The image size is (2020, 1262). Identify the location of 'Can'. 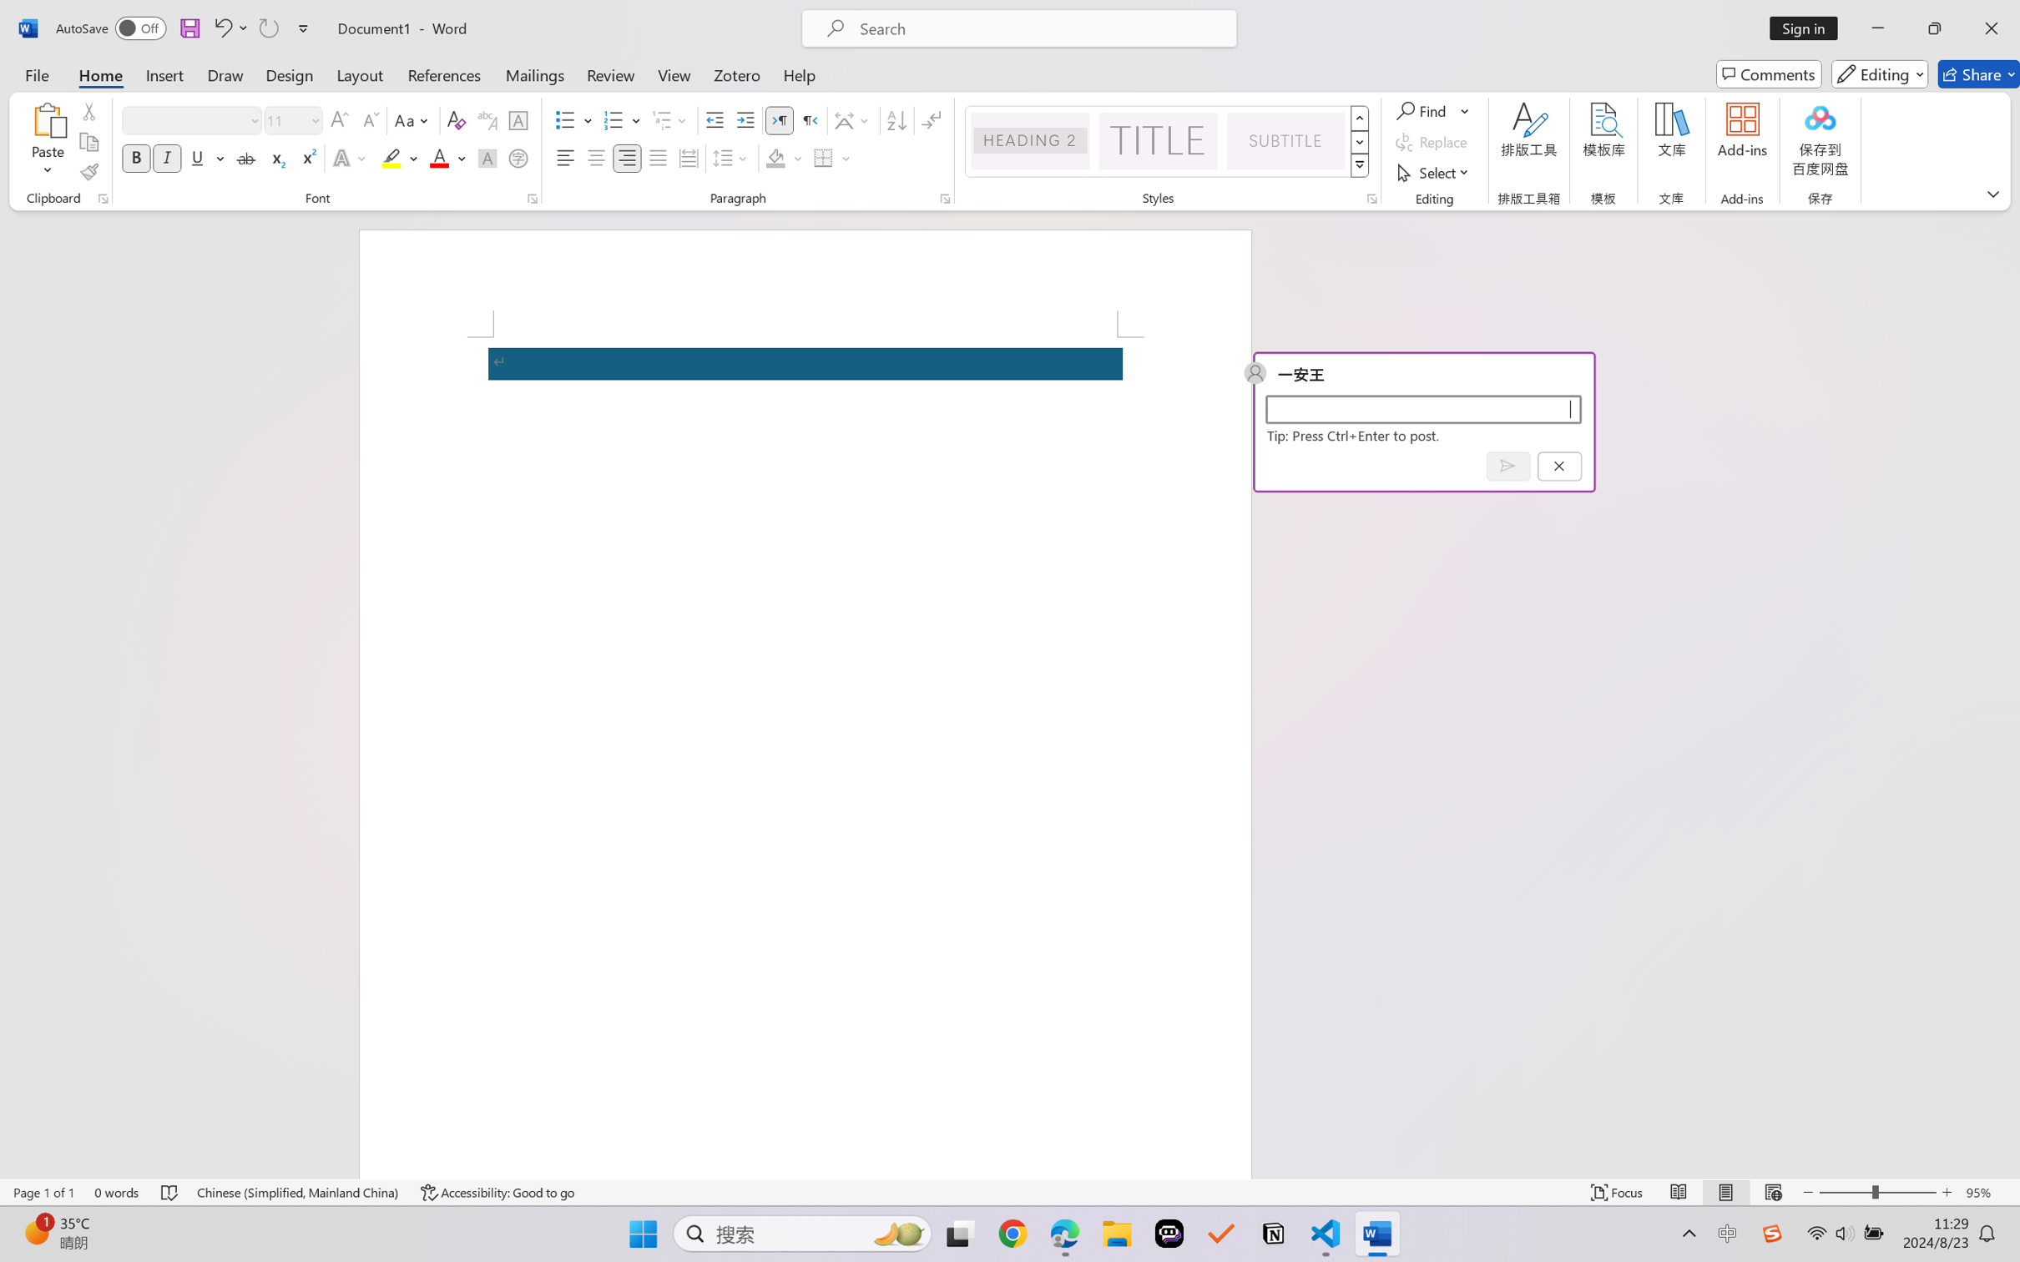
(267, 28).